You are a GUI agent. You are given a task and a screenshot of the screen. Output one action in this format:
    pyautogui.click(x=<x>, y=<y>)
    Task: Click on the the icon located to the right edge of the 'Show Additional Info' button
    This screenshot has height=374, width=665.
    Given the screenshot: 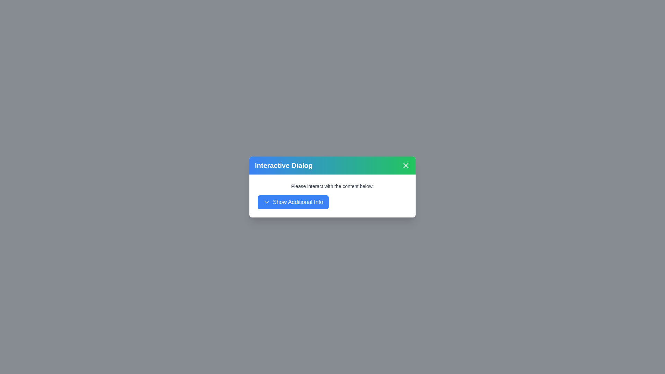 What is the action you would take?
    pyautogui.click(x=266, y=202)
    